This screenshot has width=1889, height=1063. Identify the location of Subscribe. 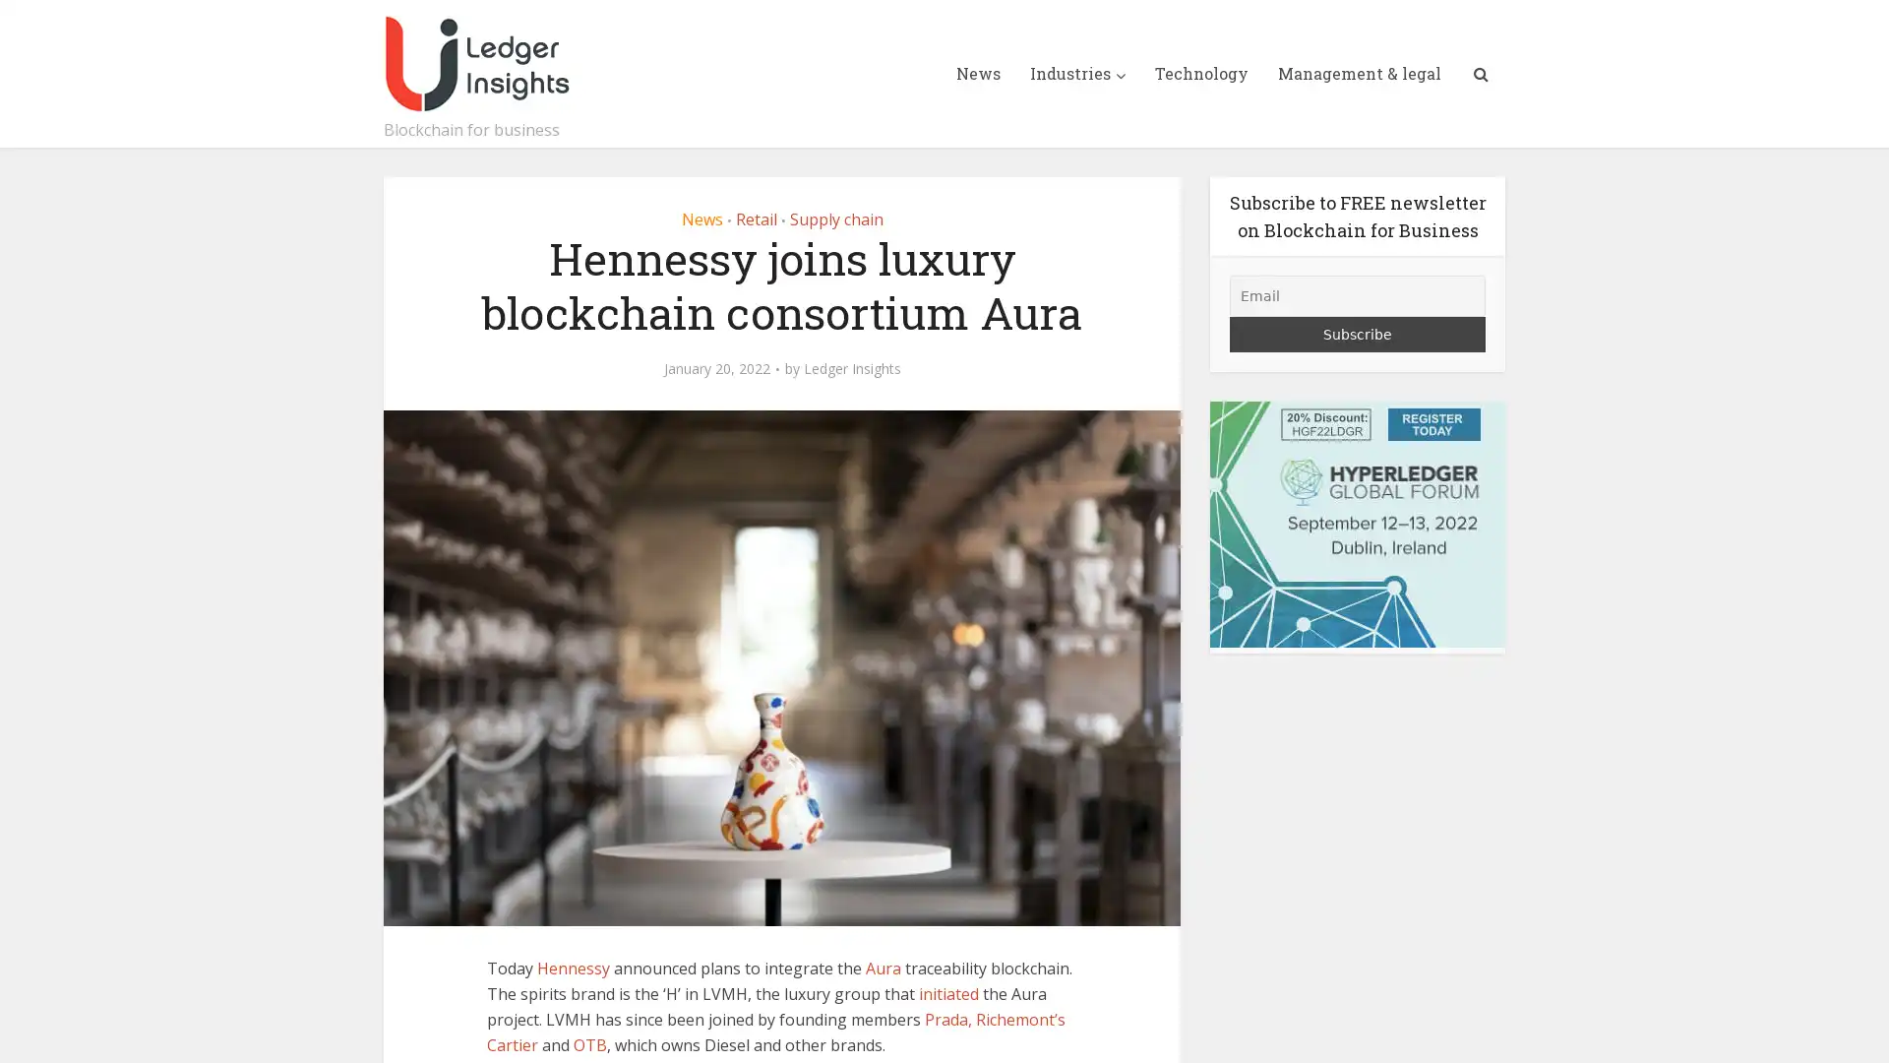
(1357, 333).